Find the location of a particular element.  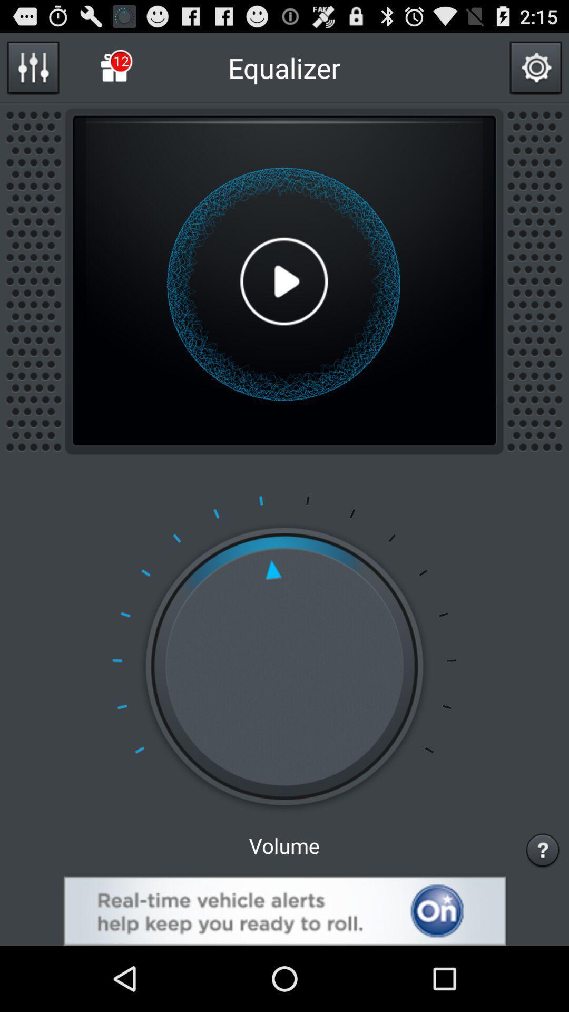

play option is located at coordinates (283, 281).